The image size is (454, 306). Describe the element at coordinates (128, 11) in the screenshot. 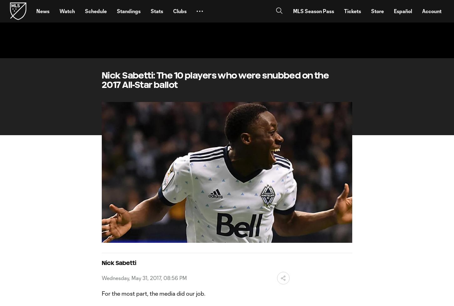

I see `'Standings'` at that location.